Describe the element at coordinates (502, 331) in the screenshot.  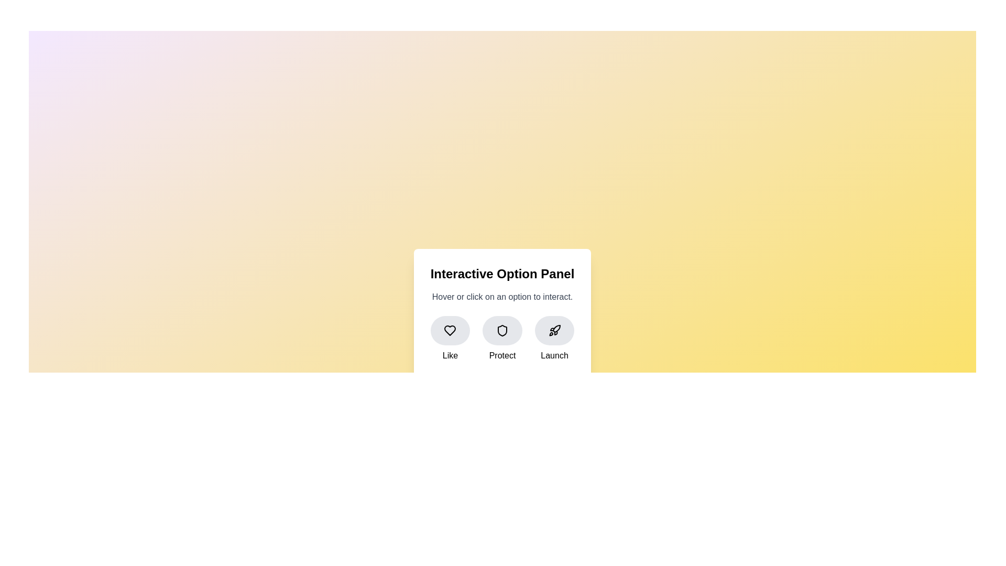
I see `the shield-shaped SVG icon within the circular button in the Interactive Option Panel` at that location.